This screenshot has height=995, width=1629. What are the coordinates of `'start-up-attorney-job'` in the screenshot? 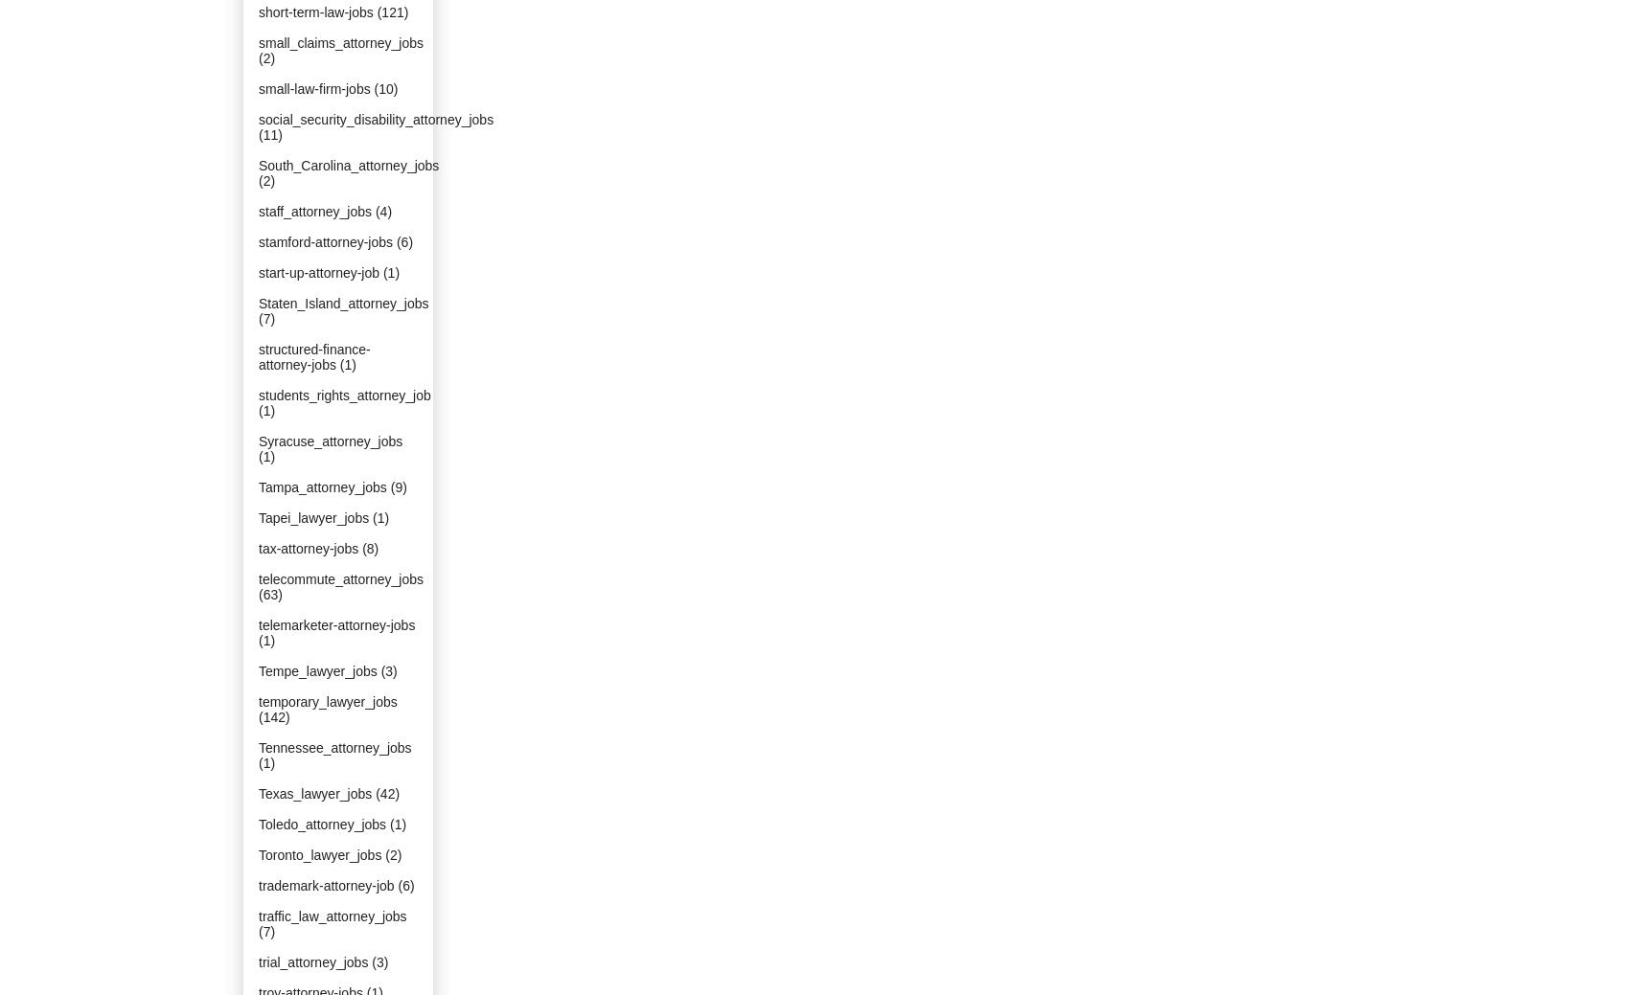 It's located at (318, 272).